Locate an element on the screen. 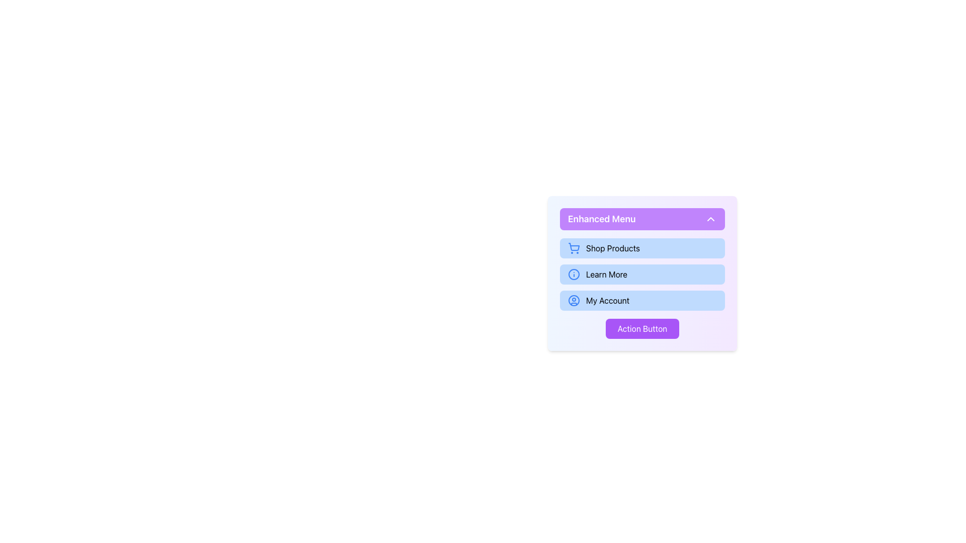 This screenshot has width=966, height=543. the purple 'Action Button' with white text located at the bottom of the 'Enhanced Menu' is located at coordinates (641, 329).